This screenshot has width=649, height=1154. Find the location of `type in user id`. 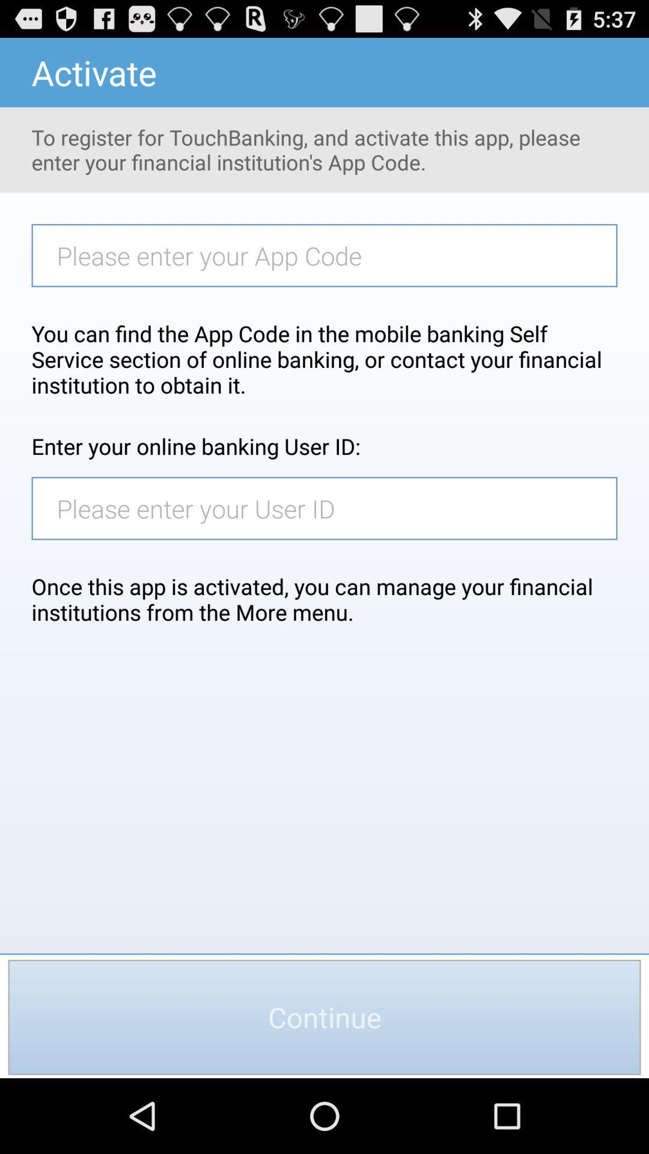

type in user id is located at coordinates (331, 508).